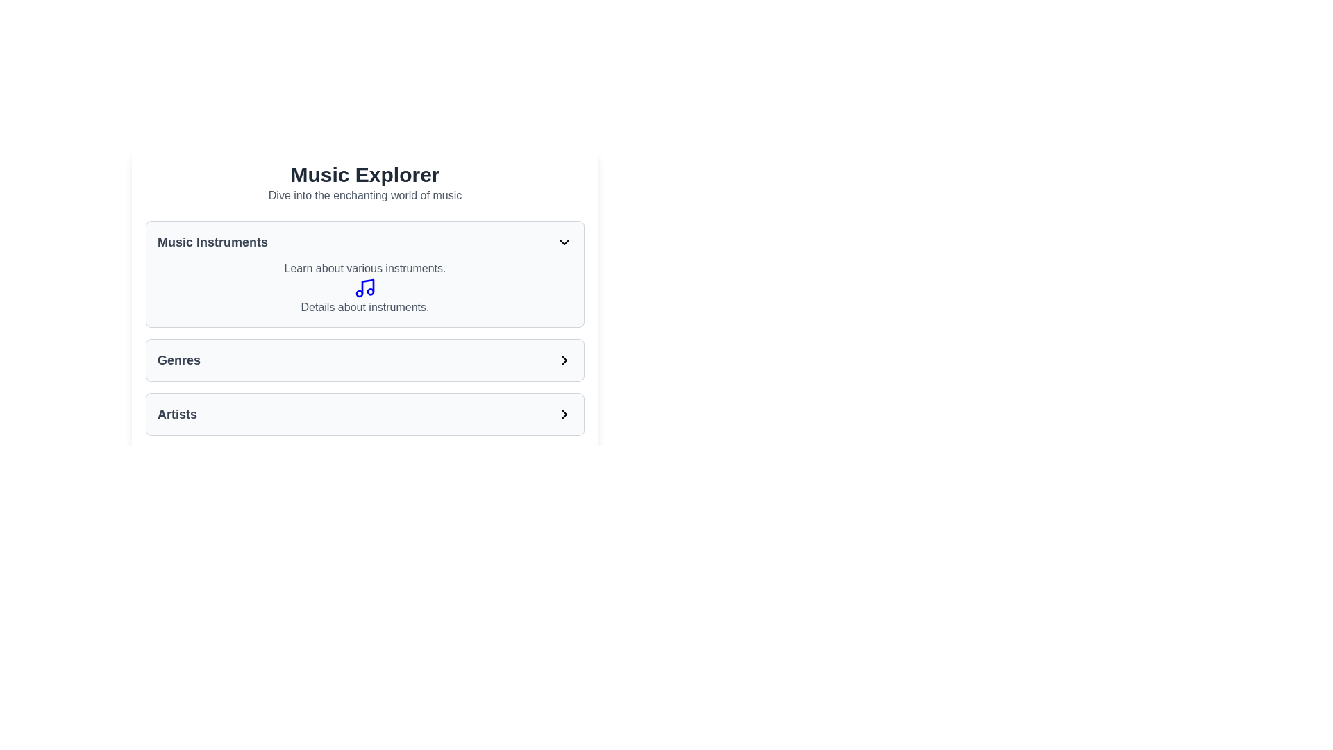 This screenshot has height=750, width=1333. Describe the element at coordinates (365, 174) in the screenshot. I see `main heading at the top-center of the interface to understand the page's purpose` at that location.